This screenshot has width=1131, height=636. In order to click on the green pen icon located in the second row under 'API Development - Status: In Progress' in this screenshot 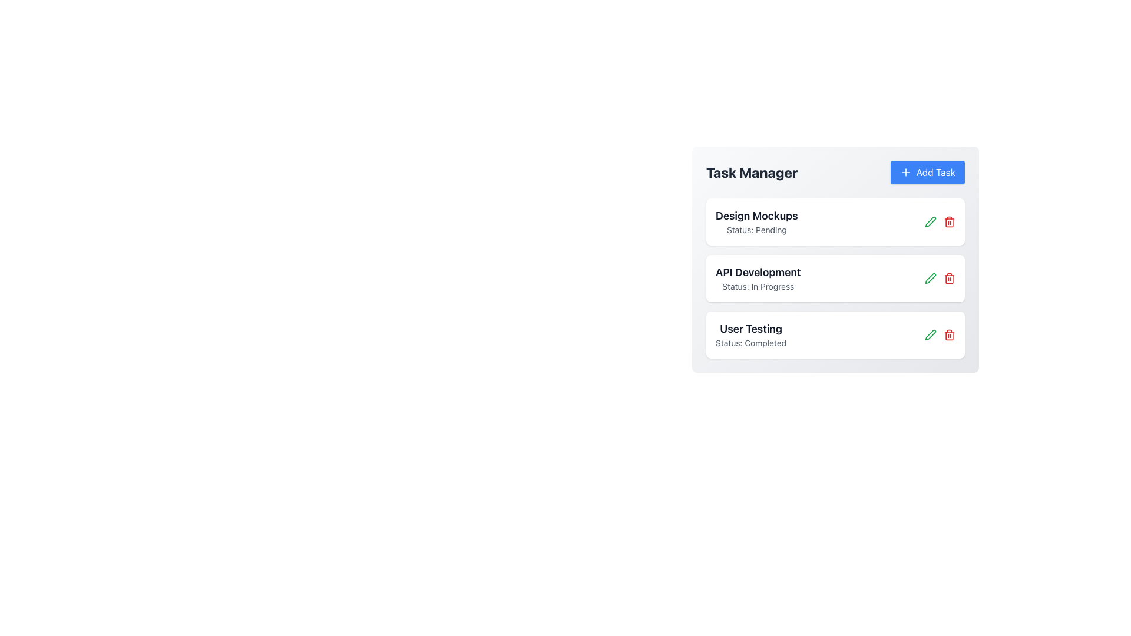, I will do `click(930, 279)`.